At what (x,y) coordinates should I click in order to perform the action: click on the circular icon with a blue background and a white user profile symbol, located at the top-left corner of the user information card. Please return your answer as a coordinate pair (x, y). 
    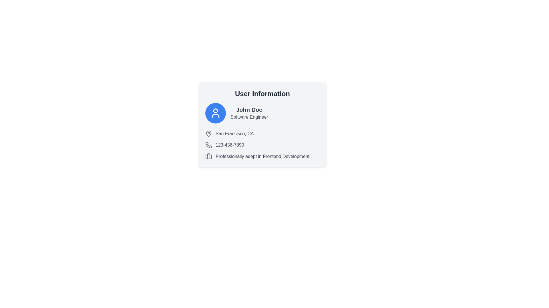
    Looking at the image, I should click on (215, 113).